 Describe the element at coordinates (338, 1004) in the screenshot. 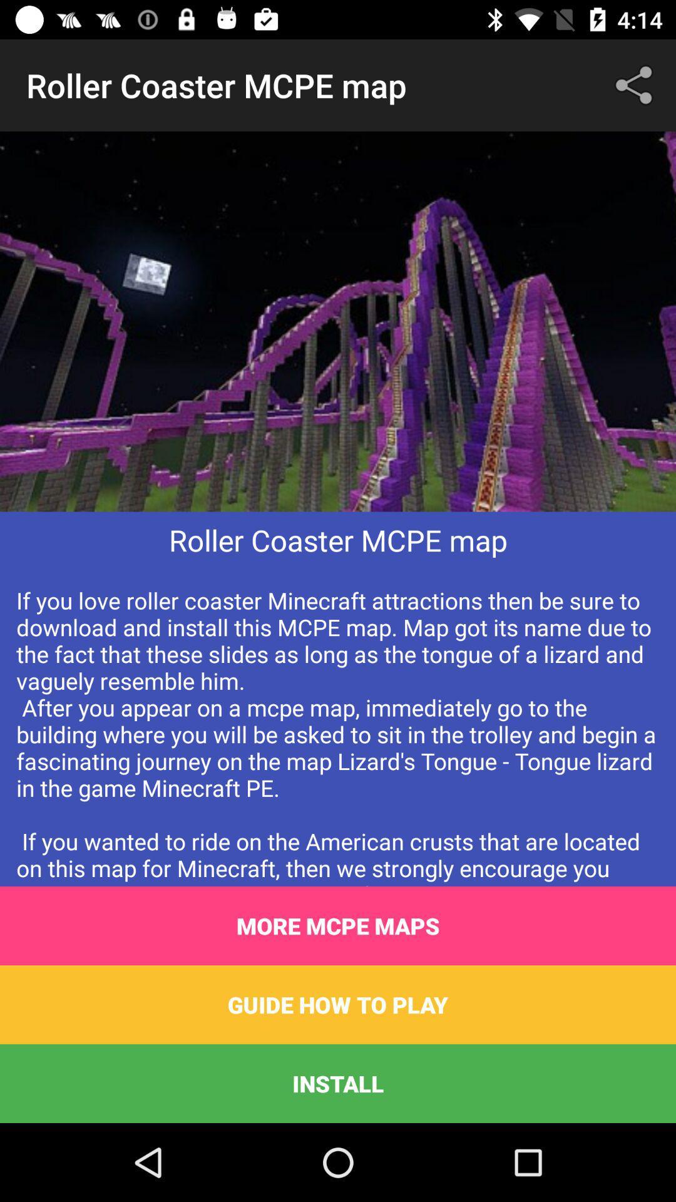

I see `guide how to` at that location.